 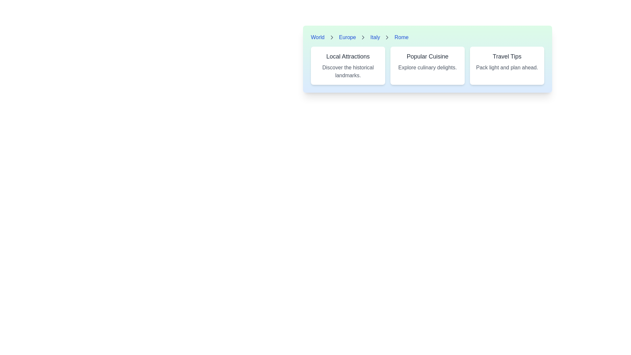 What do you see at coordinates (387, 37) in the screenshot?
I see `the right-facing chevron arrow icon located between the 'Italy' and 'Rome' text links in the breadcrumb navigation bar` at bounding box center [387, 37].